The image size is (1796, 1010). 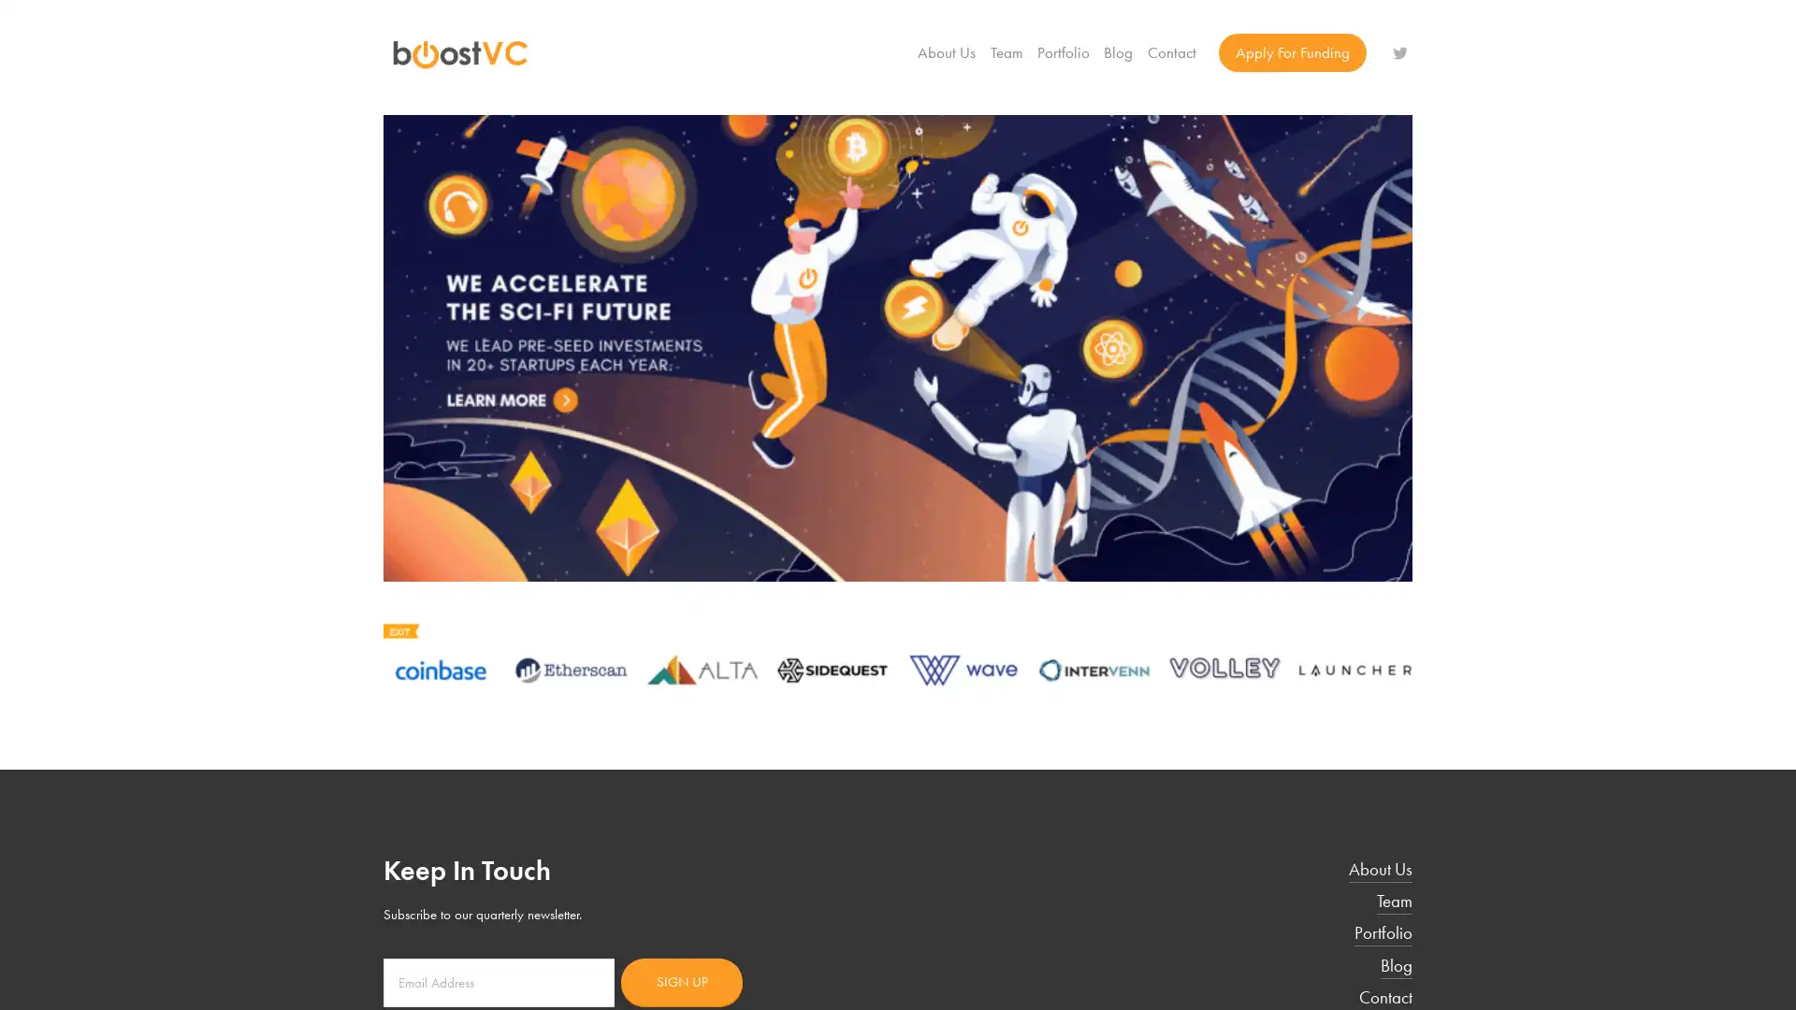 What do you see at coordinates (681, 980) in the screenshot?
I see `SIGN UP` at bounding box center [681, 980].